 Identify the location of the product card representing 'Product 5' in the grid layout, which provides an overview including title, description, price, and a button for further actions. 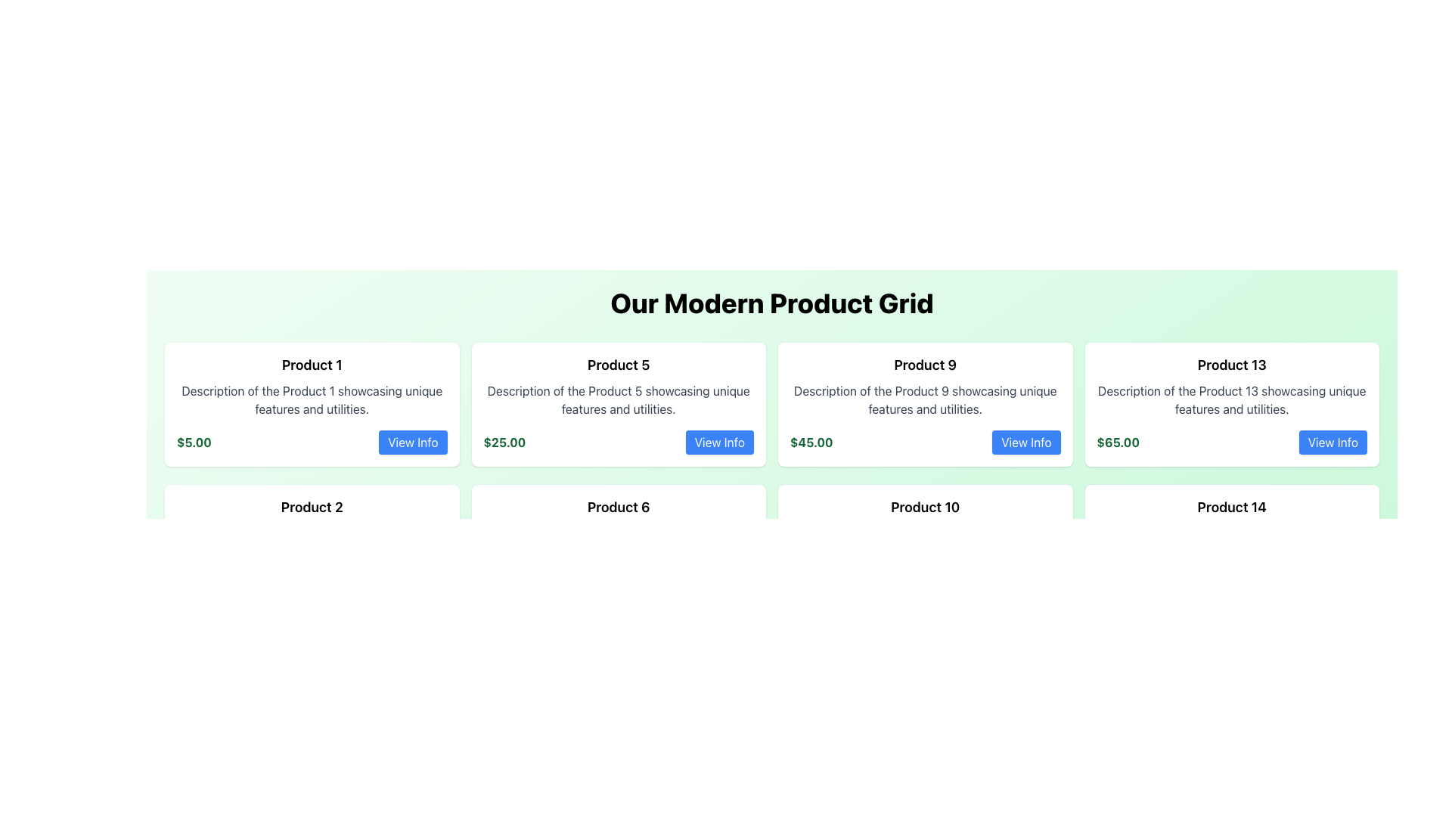
(619, 404).